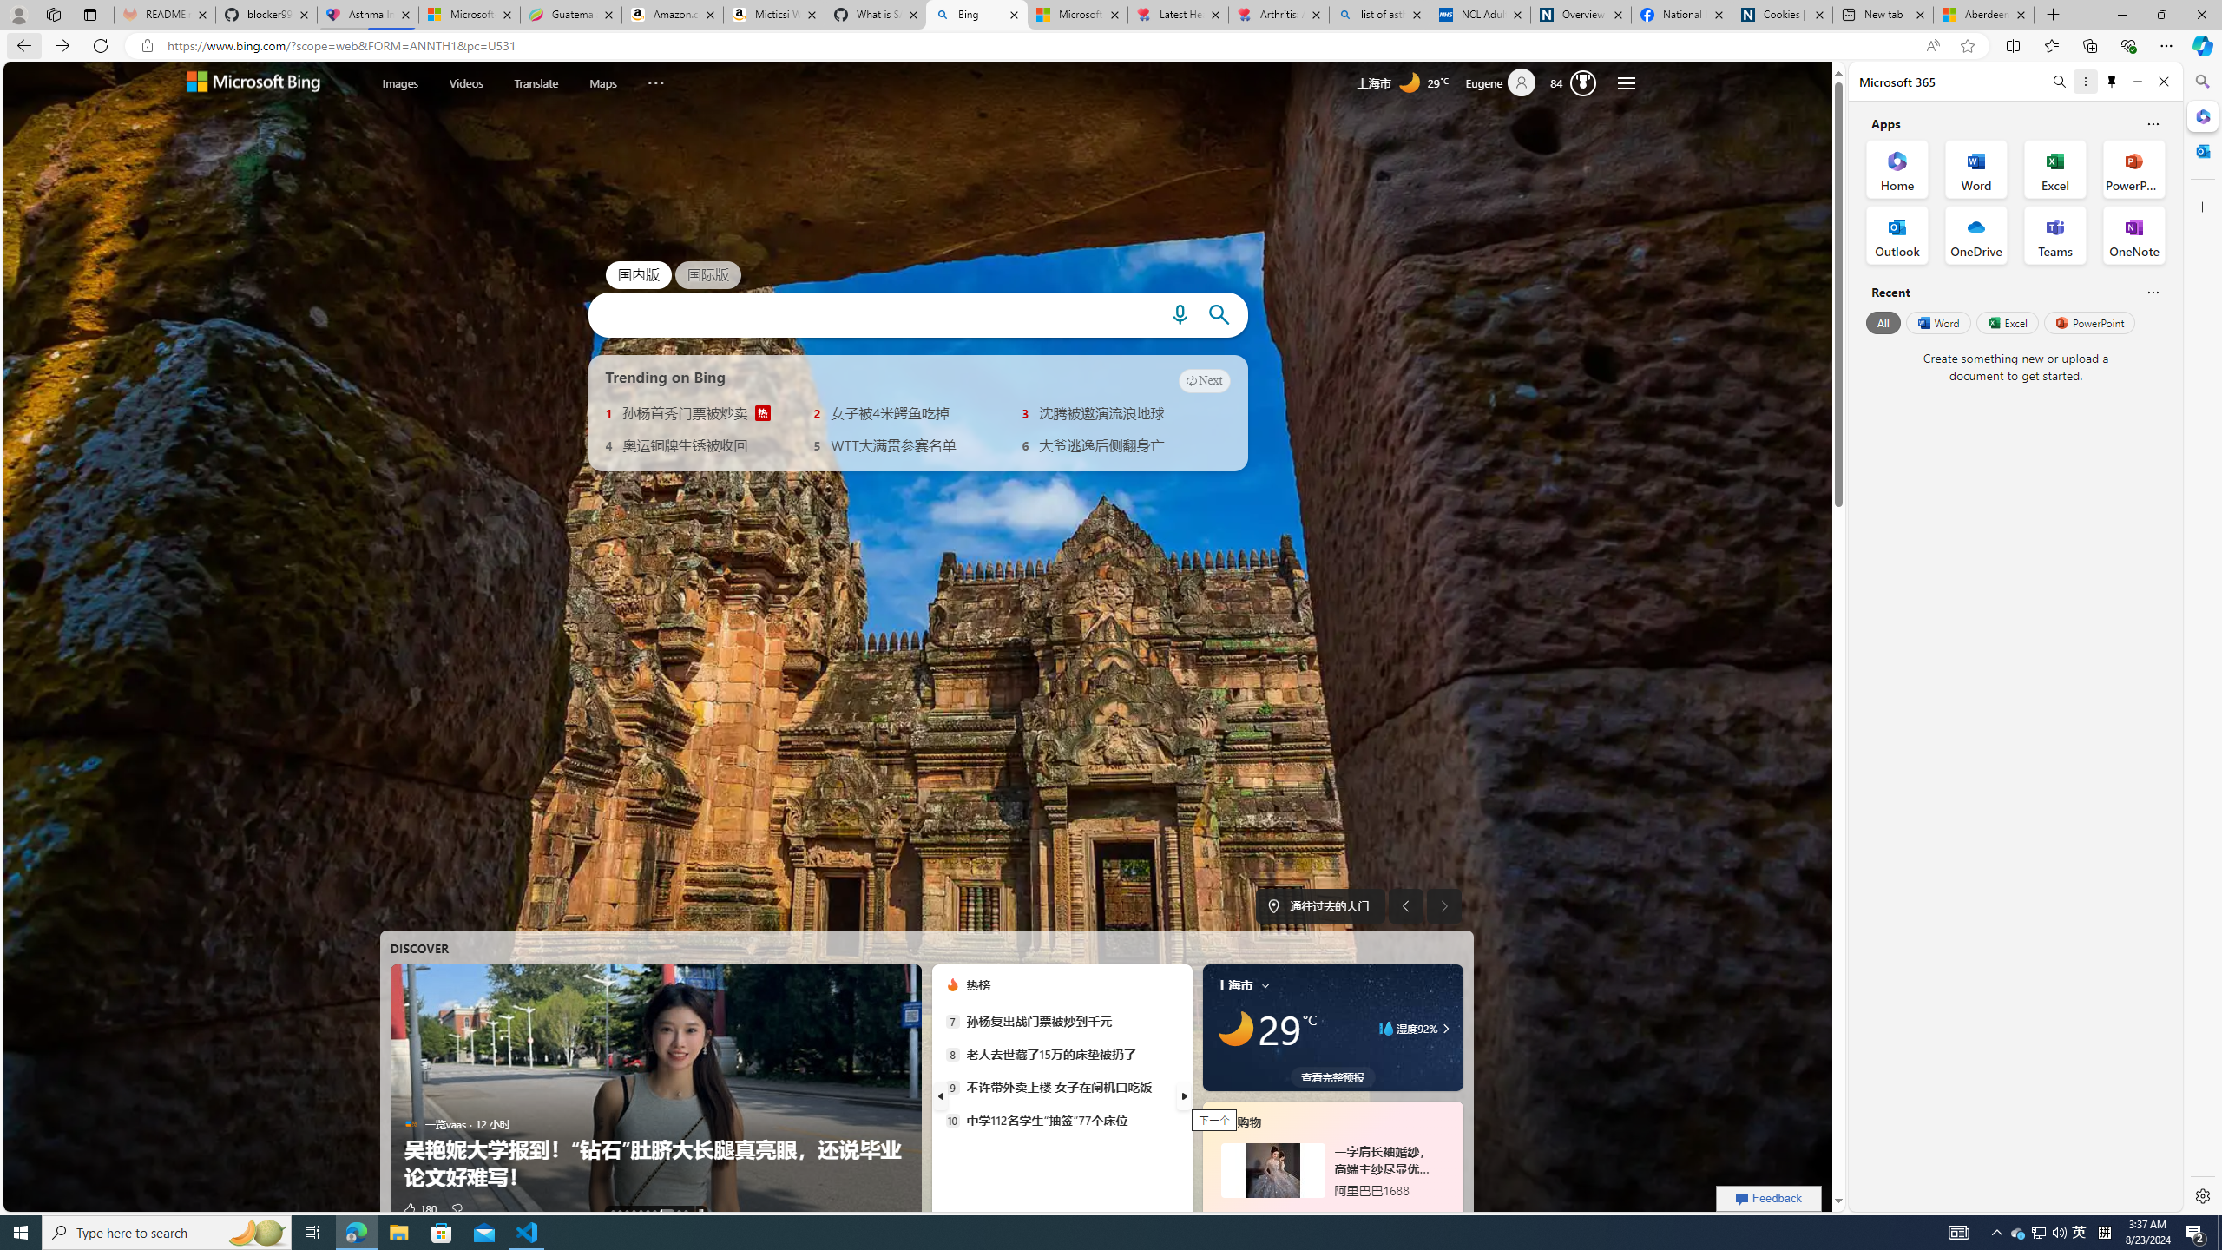 The image size is (2222, 1250). What do you see at coordinates (1897, 235) in the screenshot?
I see `'Outlook Office App'` at bounding box center [1897, 235].